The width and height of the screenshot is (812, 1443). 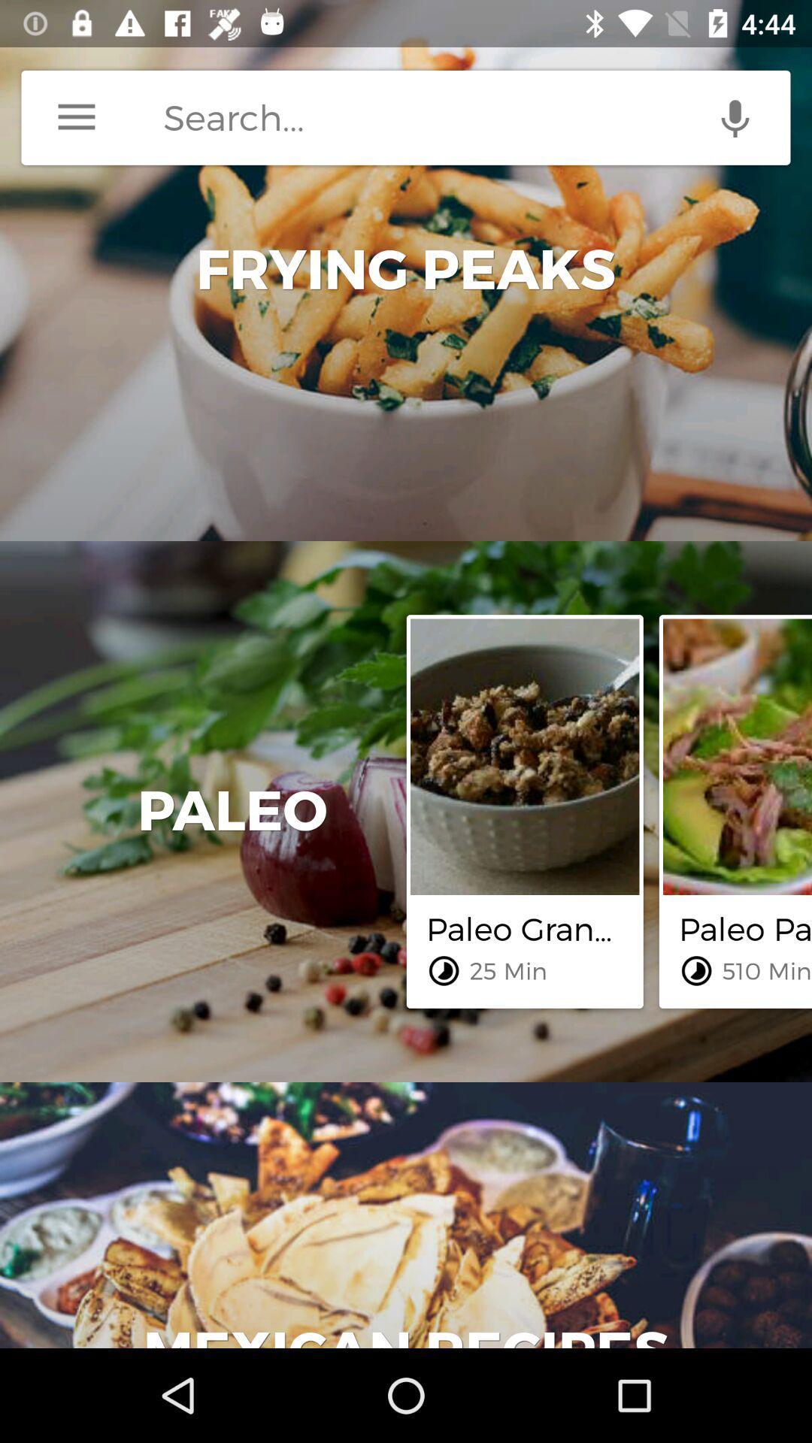 I want to click on speak to enter text, so click(x=735, y=116).